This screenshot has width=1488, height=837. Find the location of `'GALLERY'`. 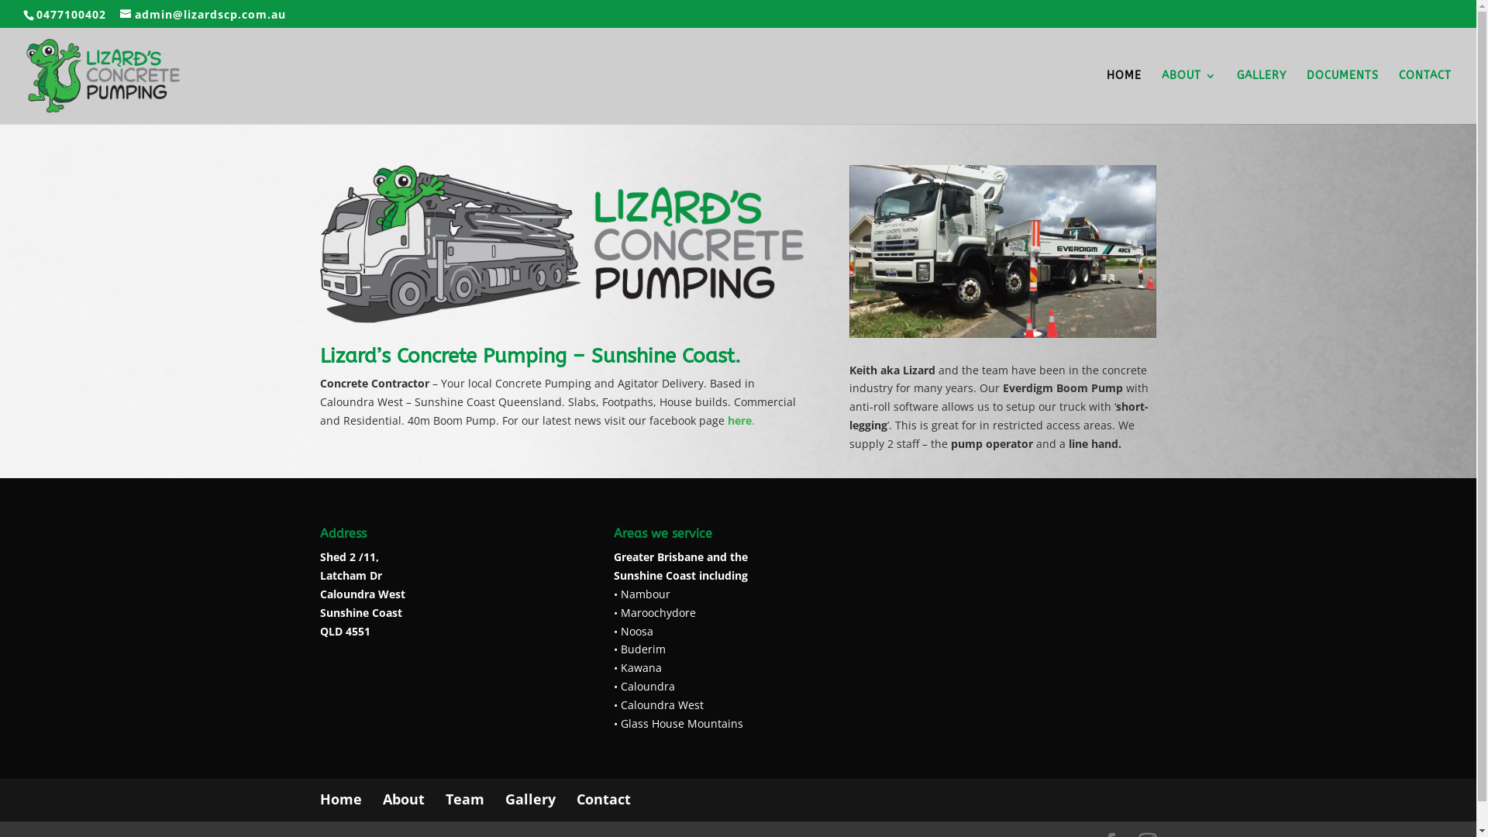

'GALLERY' is located at coordinates (1261, 97).